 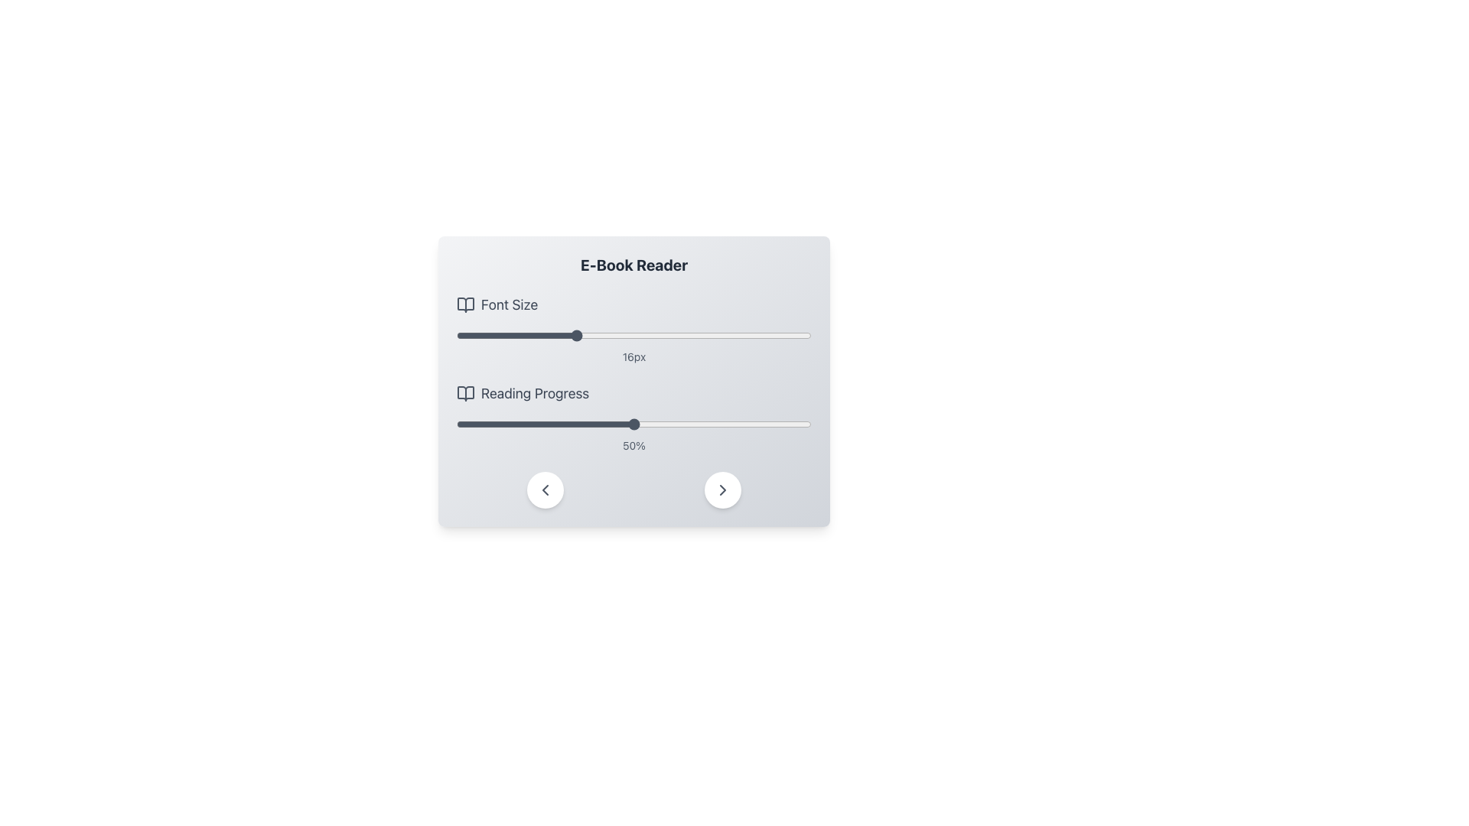 What do you see at coordinates (510, 304) in the screenshot?
I see `text label indicating the setting for 'Font Size', located to the right of the open book icon in the upper-left section of the interface` at bounding box center [510, 304].